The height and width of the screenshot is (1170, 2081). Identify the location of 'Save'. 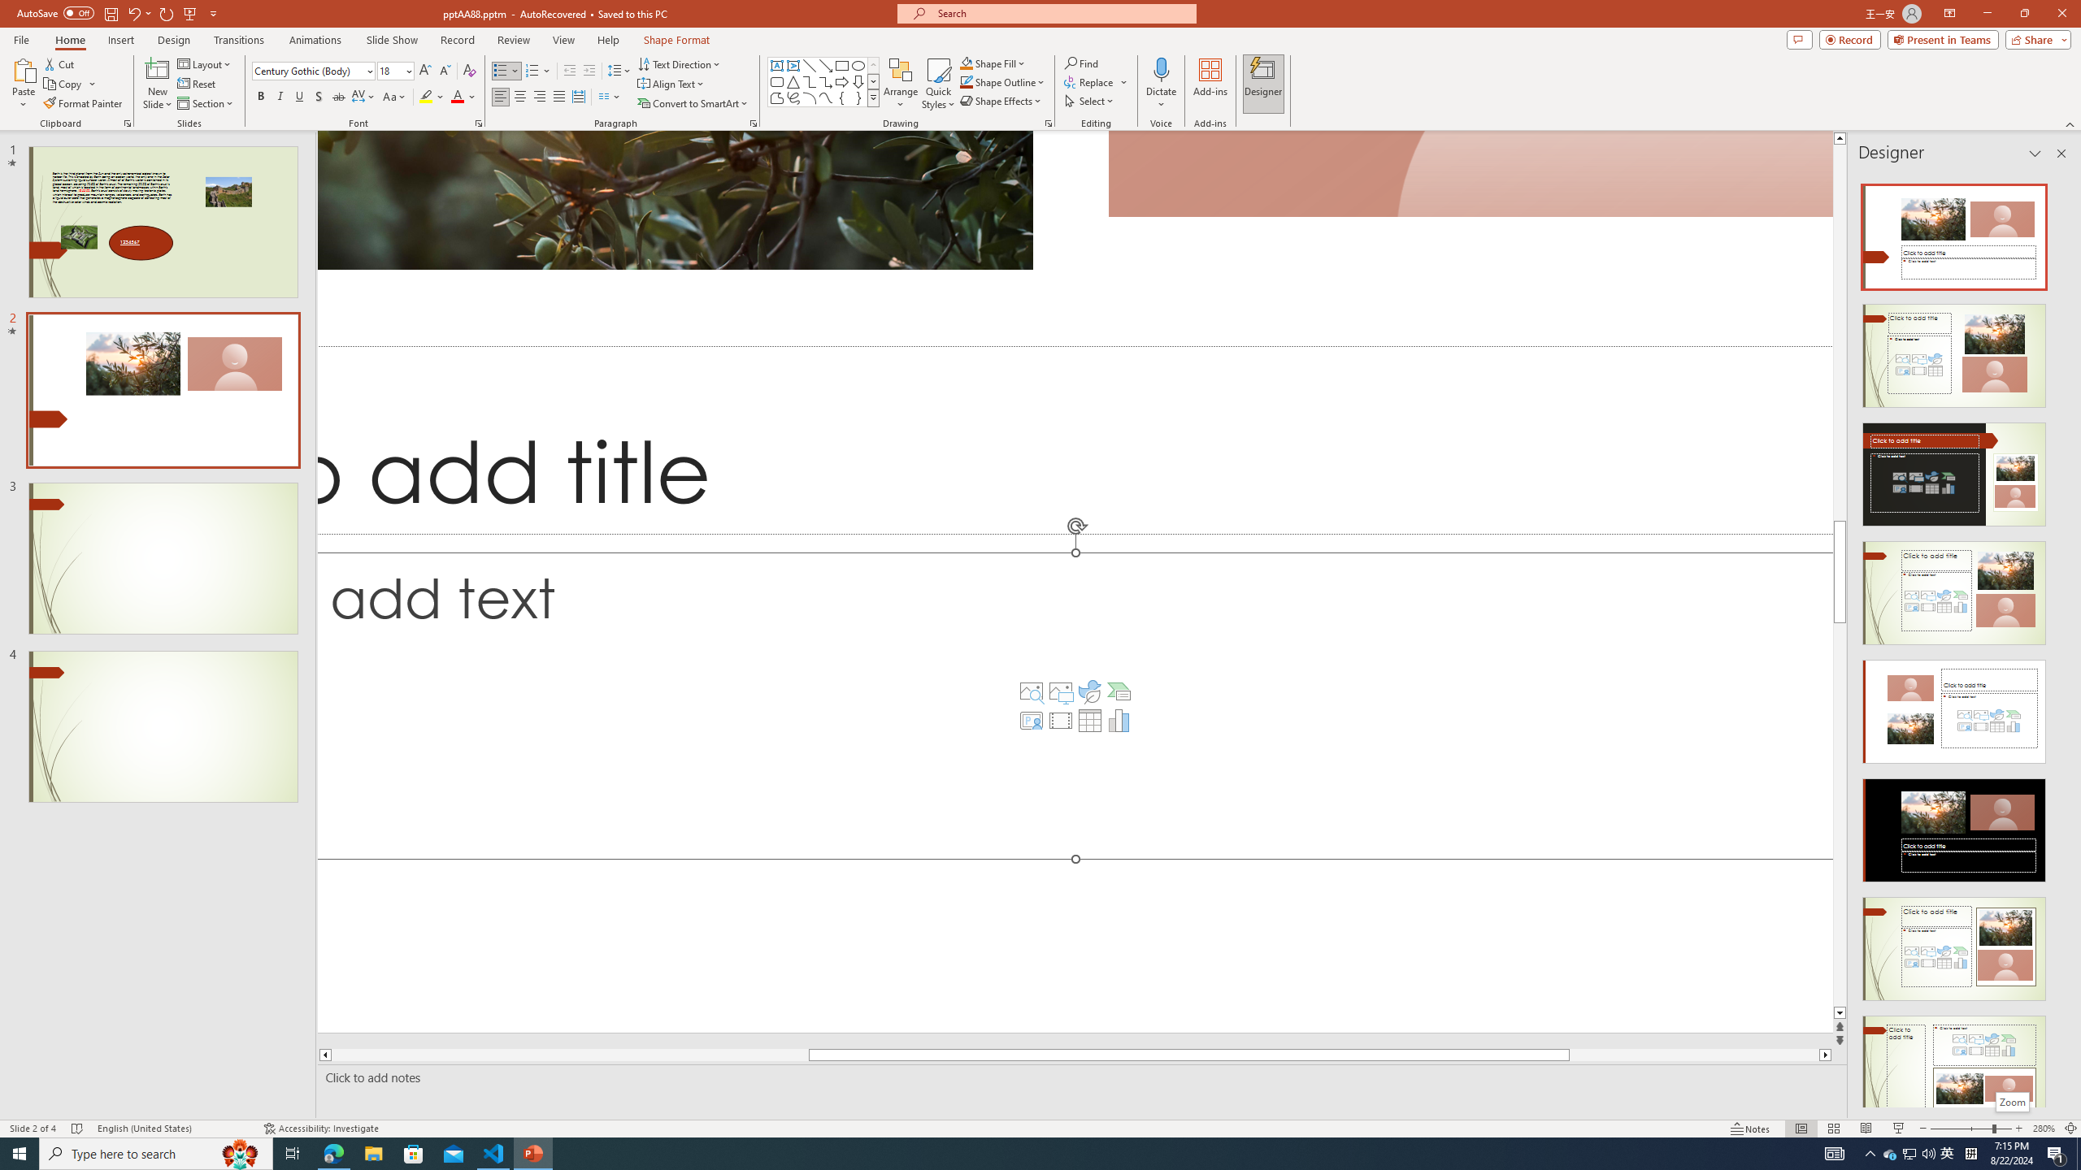
(110, 12).